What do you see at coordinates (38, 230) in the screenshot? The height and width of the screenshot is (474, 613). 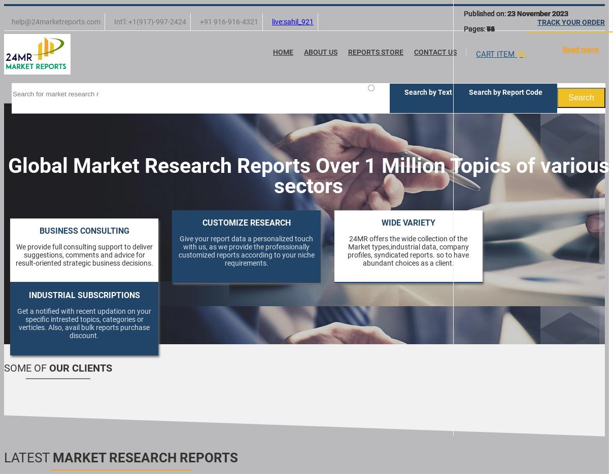 I see `'BUSINESS CONSULTING'` at bounding box center [38, 230].